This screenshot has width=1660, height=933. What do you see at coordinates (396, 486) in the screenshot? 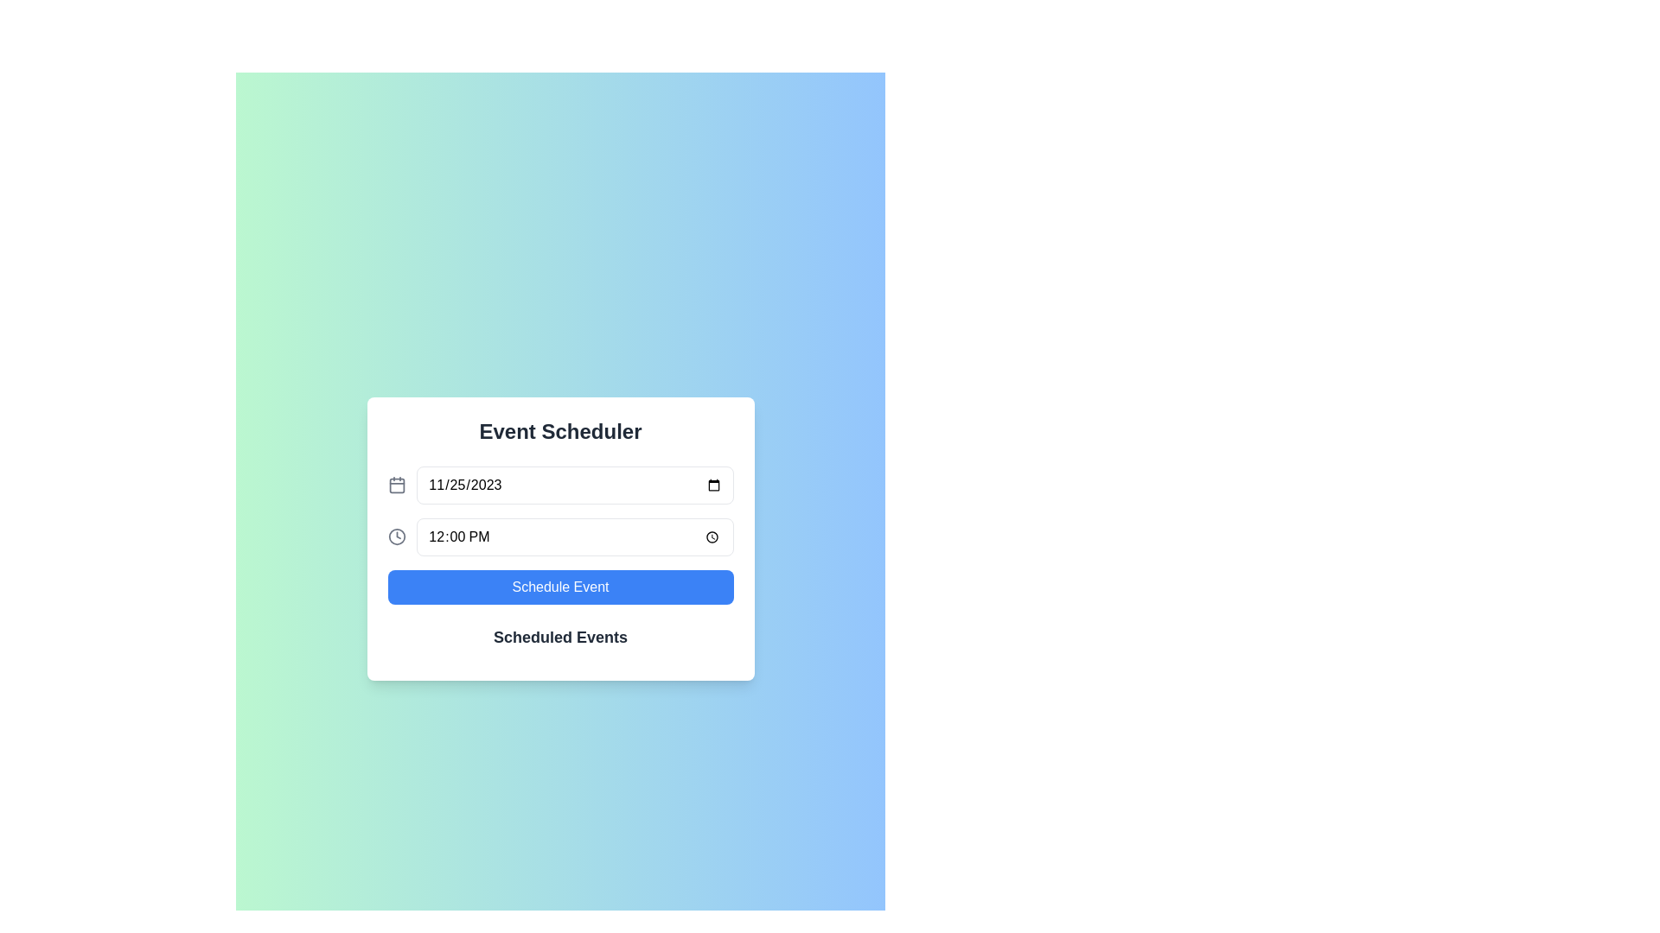
I see `the decorative rectangle inside the calendar icon located to the left of the date selection input field` at bounding box center [396, 486].